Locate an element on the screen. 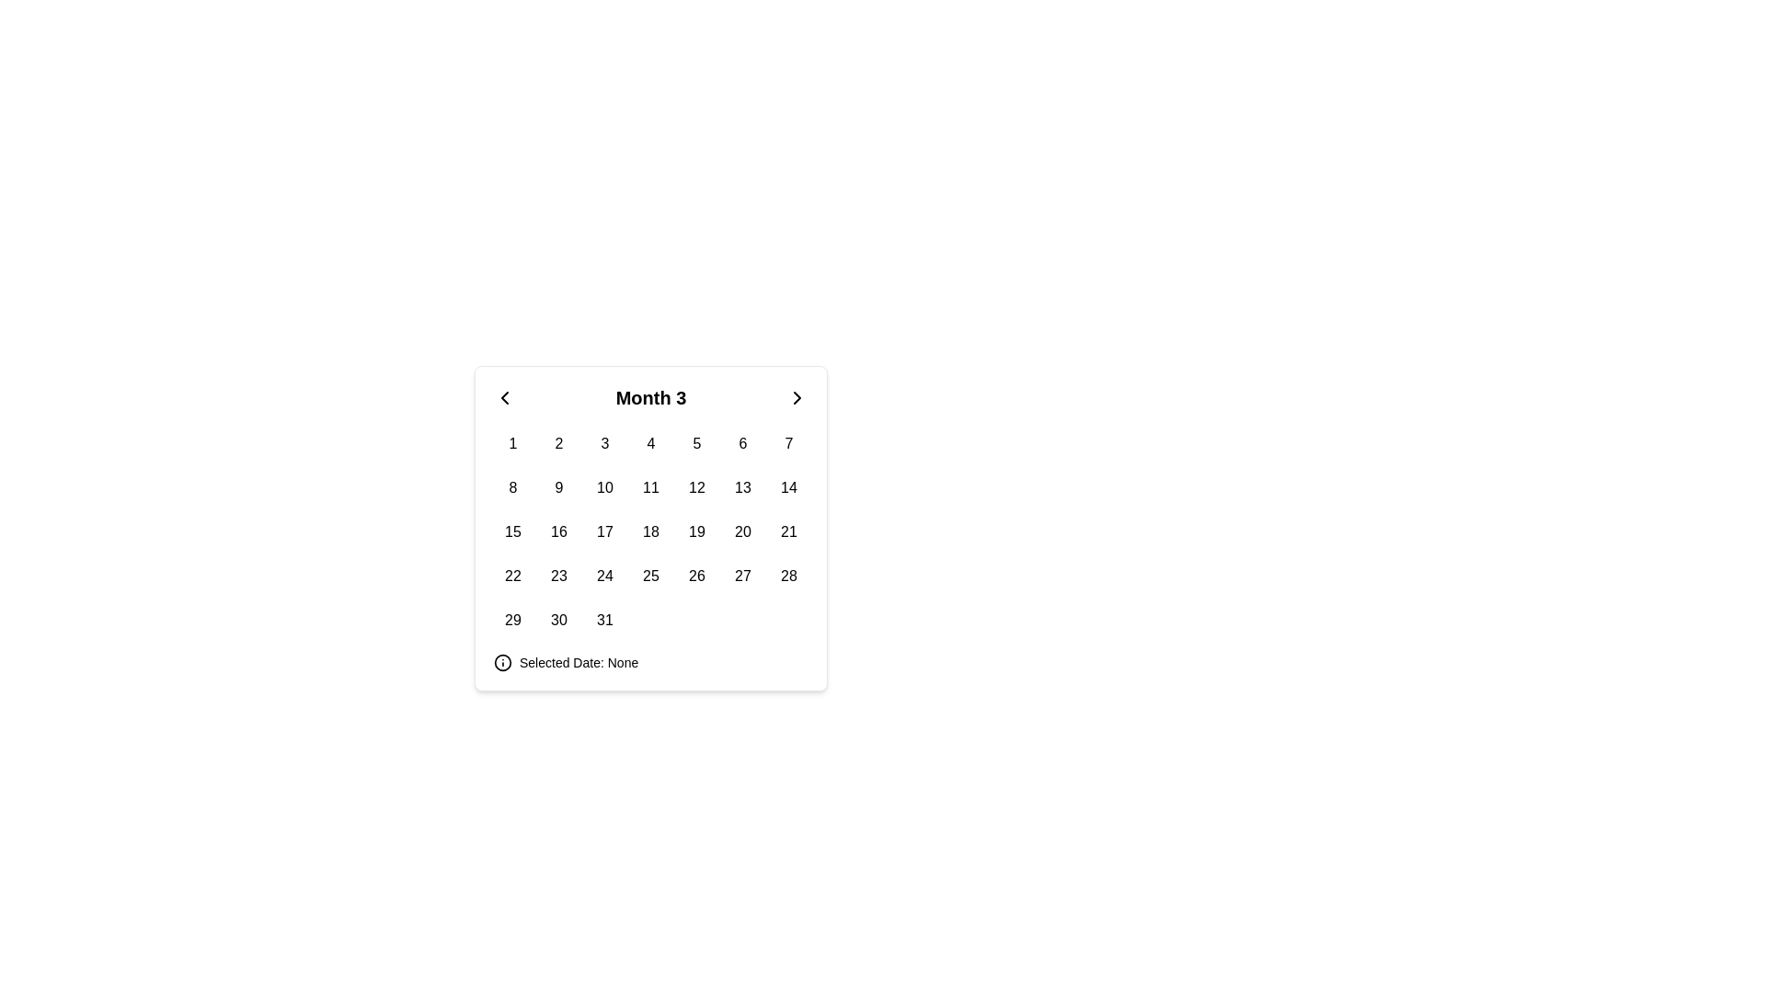 The width and height of the screenshot is (1766, 993). the square button labeled '24' with rounded corners is located at coordinates (604, 576).